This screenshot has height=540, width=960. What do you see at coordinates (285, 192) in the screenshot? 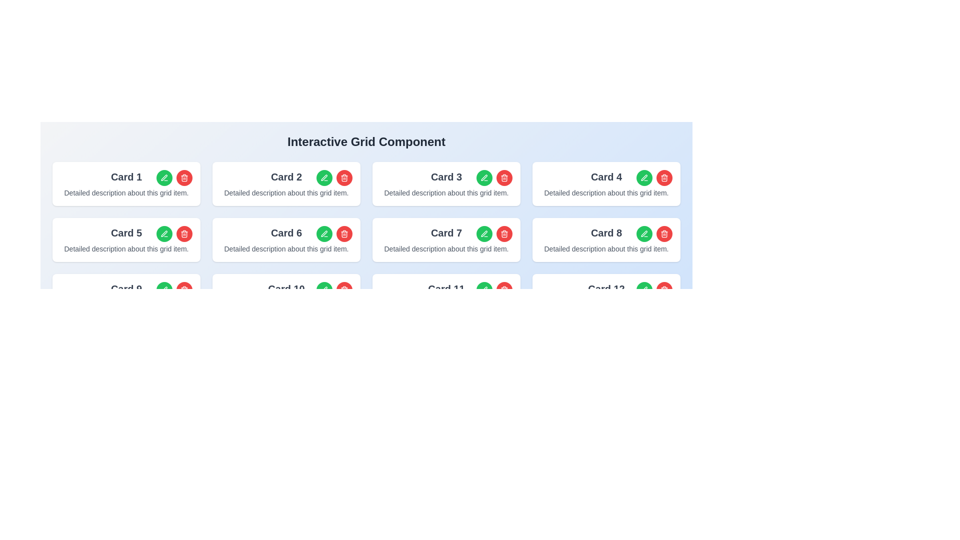
I see `the static text component that contains the text 'Detailed description about this grid item.' located in the second card labeled 'Card 2'` at bounding box center [285, 192].